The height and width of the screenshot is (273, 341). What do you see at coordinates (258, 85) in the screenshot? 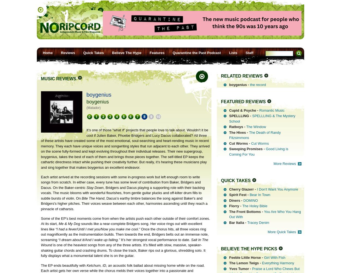
I see `'the record'` at bounding box center [258, 85].